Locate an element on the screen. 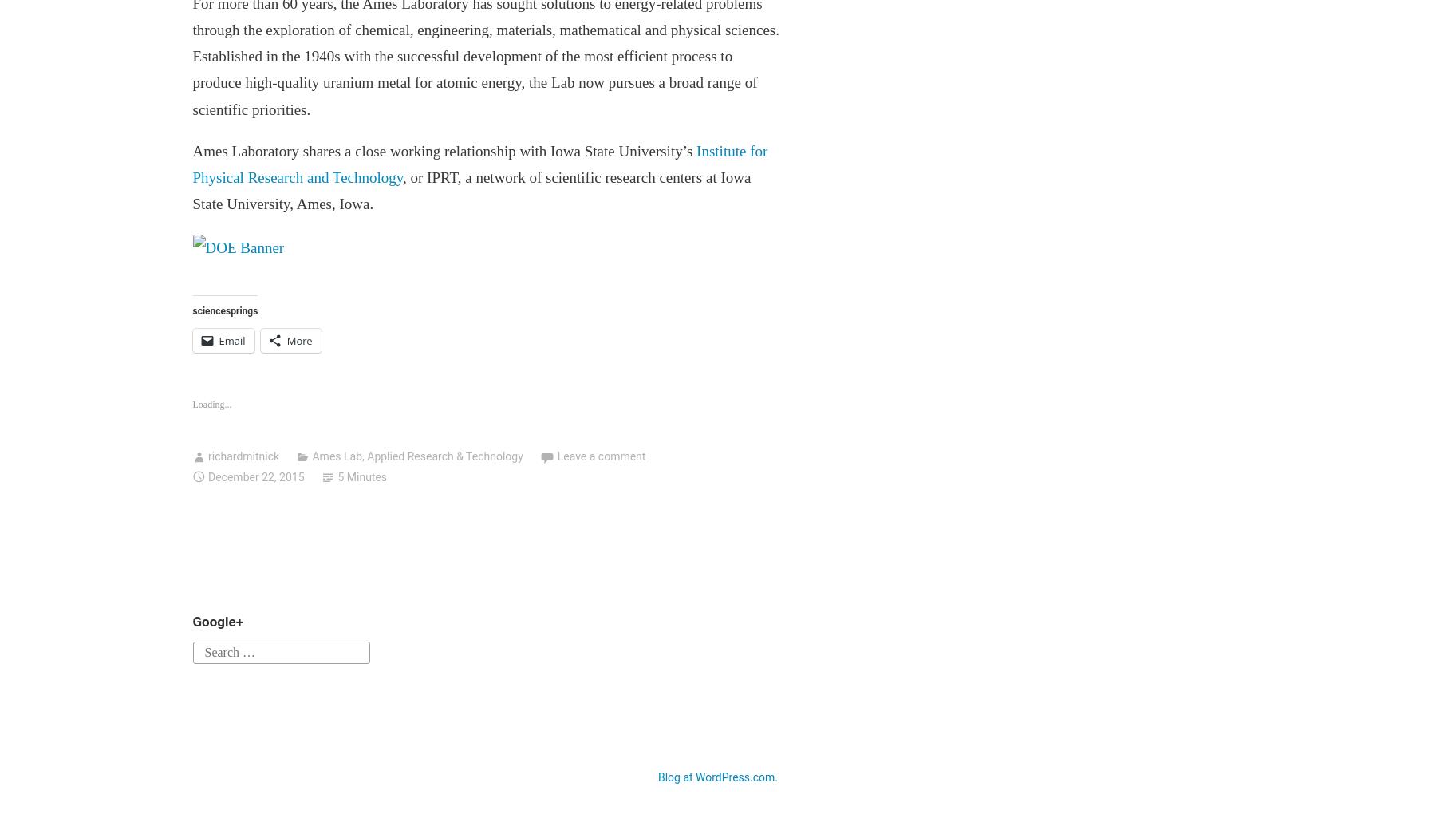 The image size is (1436, 830). 'Email' is located at coordinates (217, 341).